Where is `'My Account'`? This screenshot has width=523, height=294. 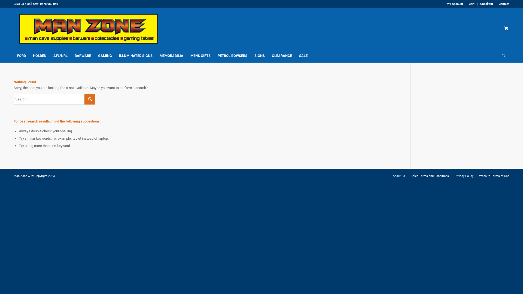 'My Account' is located at coordinates (455, 4).